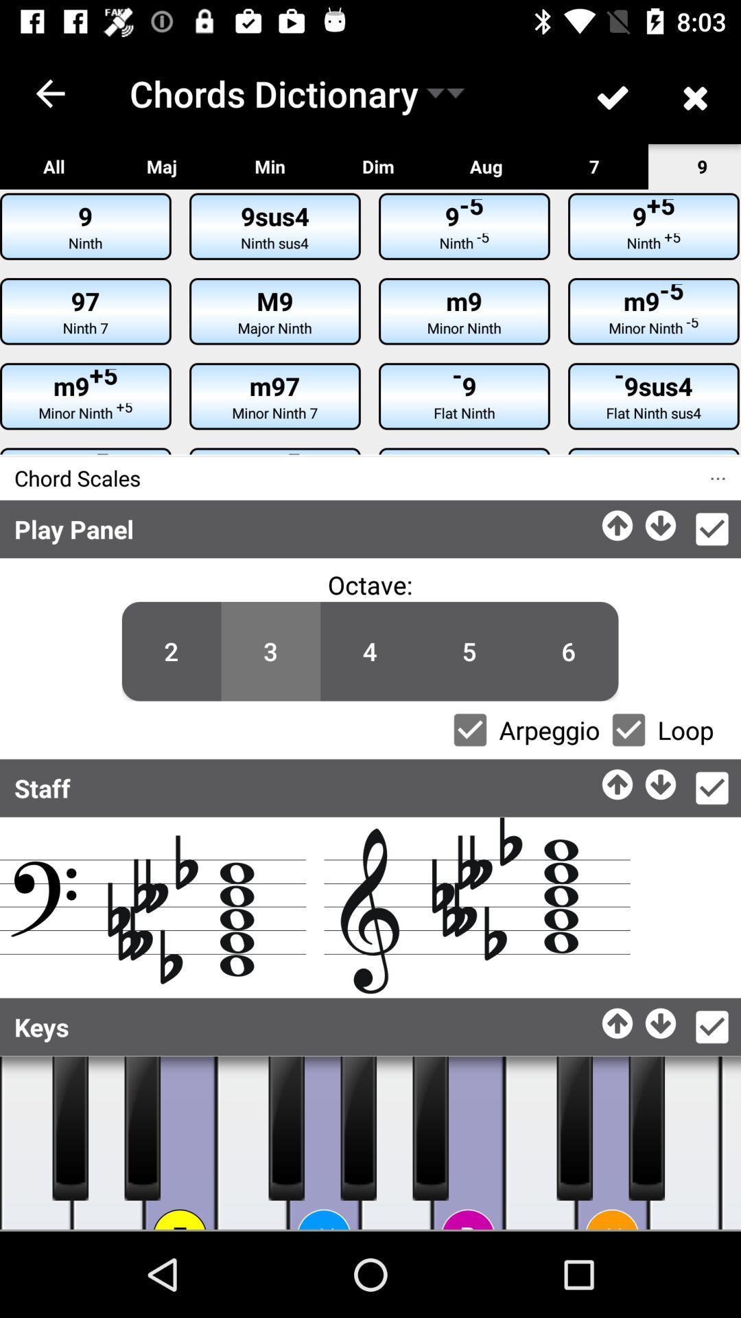  Describe the element at coordinates (142, 1128) in the screenshot. I see `music playing key` at that location.